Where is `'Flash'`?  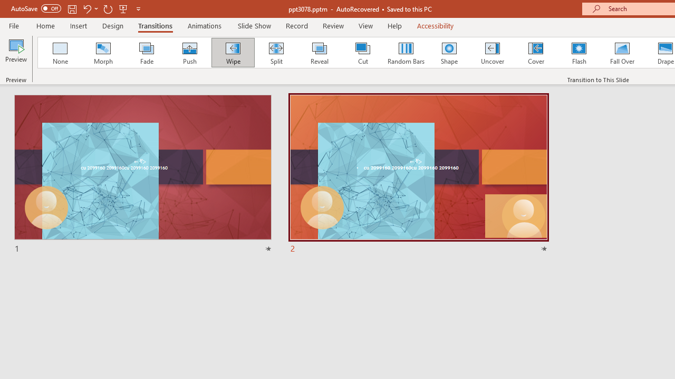 'Flash' is located at coordinates (578, 53).